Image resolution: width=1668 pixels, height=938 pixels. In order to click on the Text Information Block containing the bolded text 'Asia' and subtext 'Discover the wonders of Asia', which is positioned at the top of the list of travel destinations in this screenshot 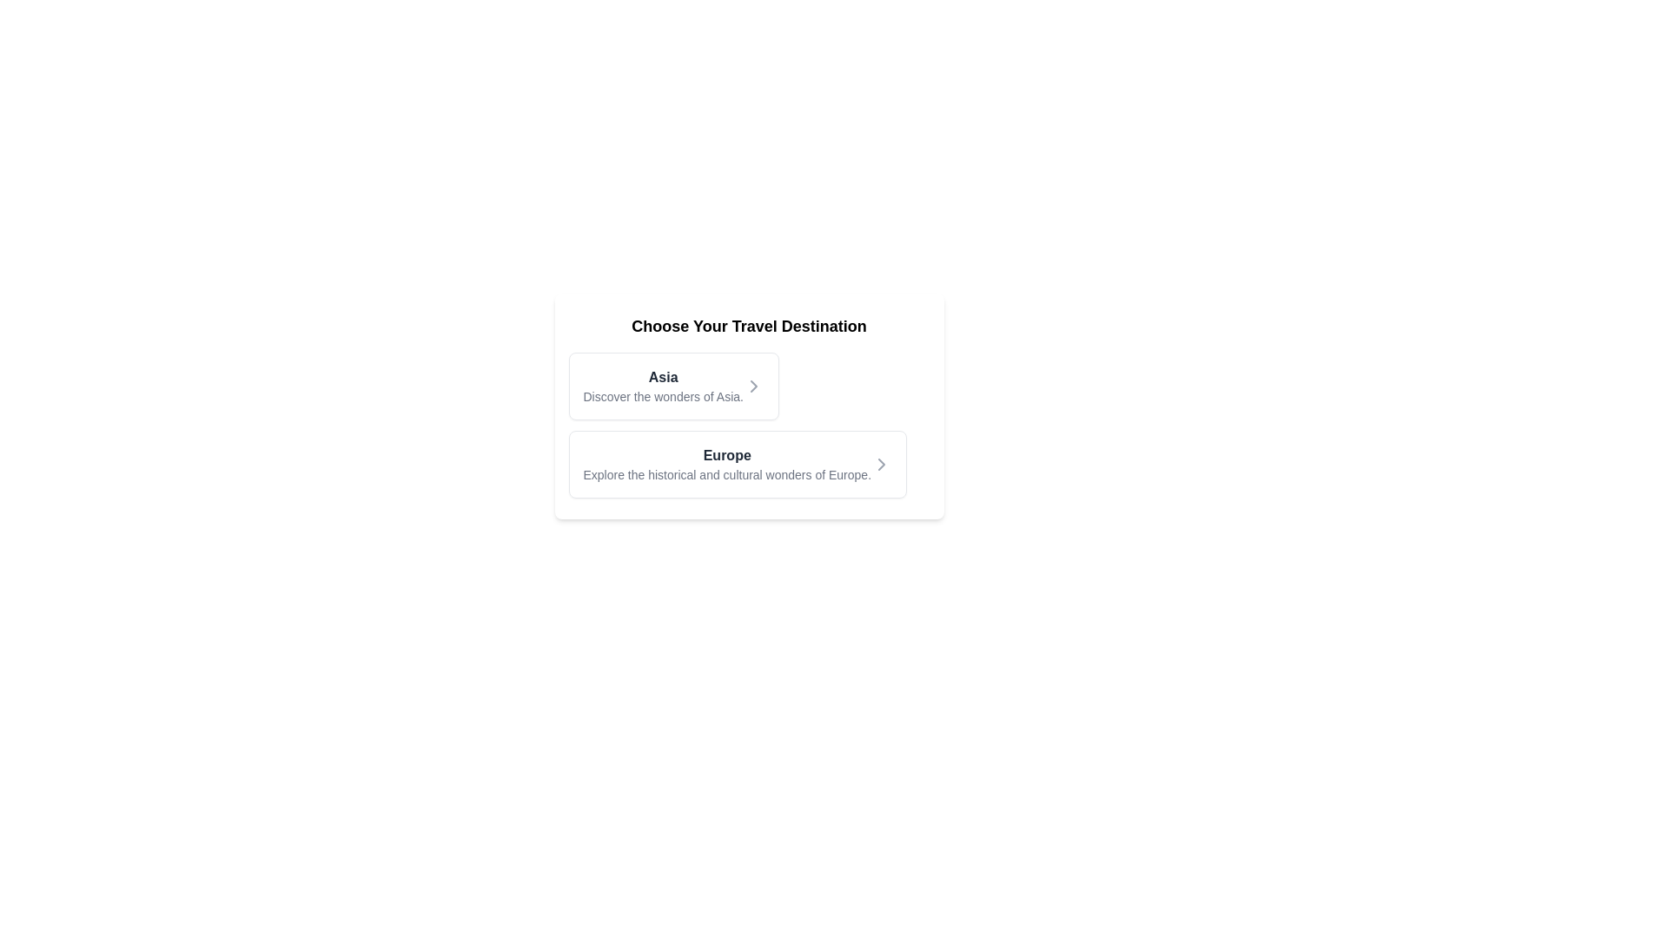, I will do `click(662, 385)`.